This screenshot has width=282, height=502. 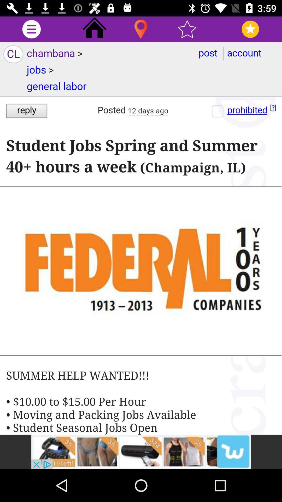 What do you see at coordinates (31, 29) in the screenshot?
I see `the more icon` at bounding box center [31, 29].